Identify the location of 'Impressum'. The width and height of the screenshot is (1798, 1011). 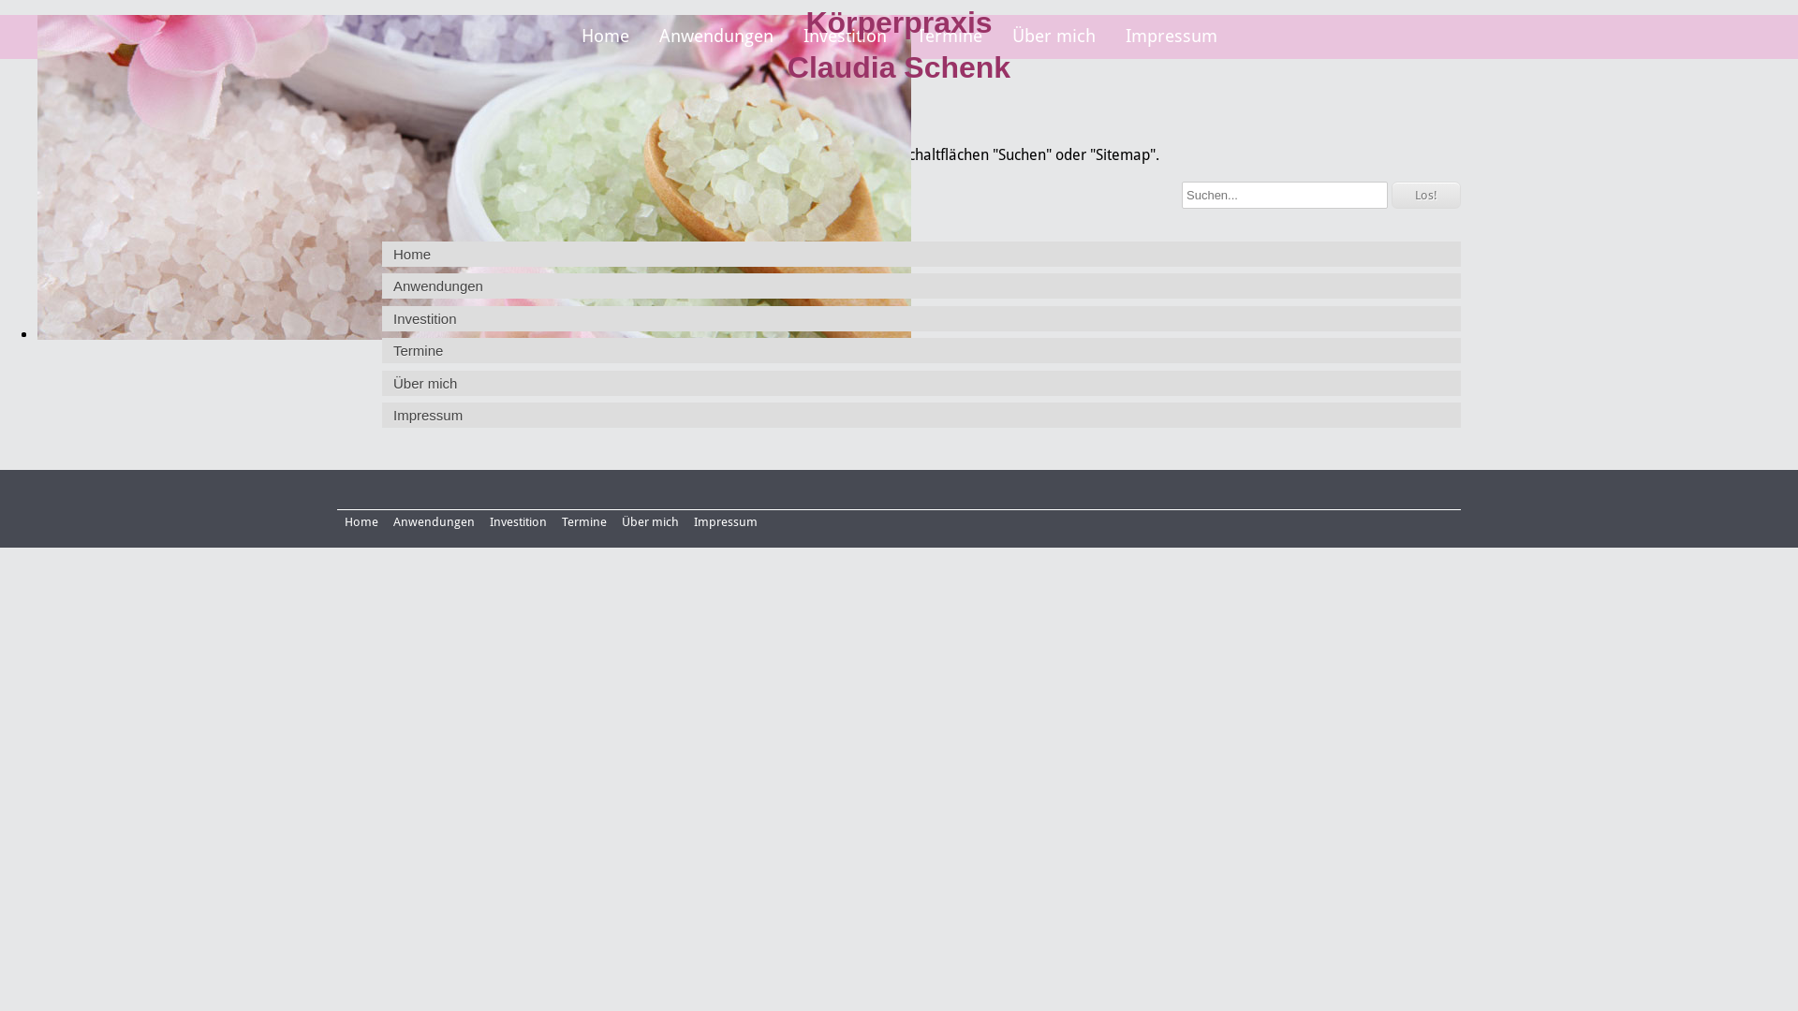
(724, 521).